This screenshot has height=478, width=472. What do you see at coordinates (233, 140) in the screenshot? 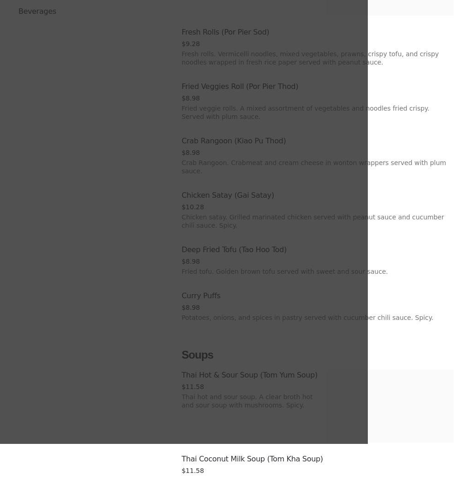
I see `'Crab Rangoon (Kiao Pu Thod)'` at bounding box center [233, 140].